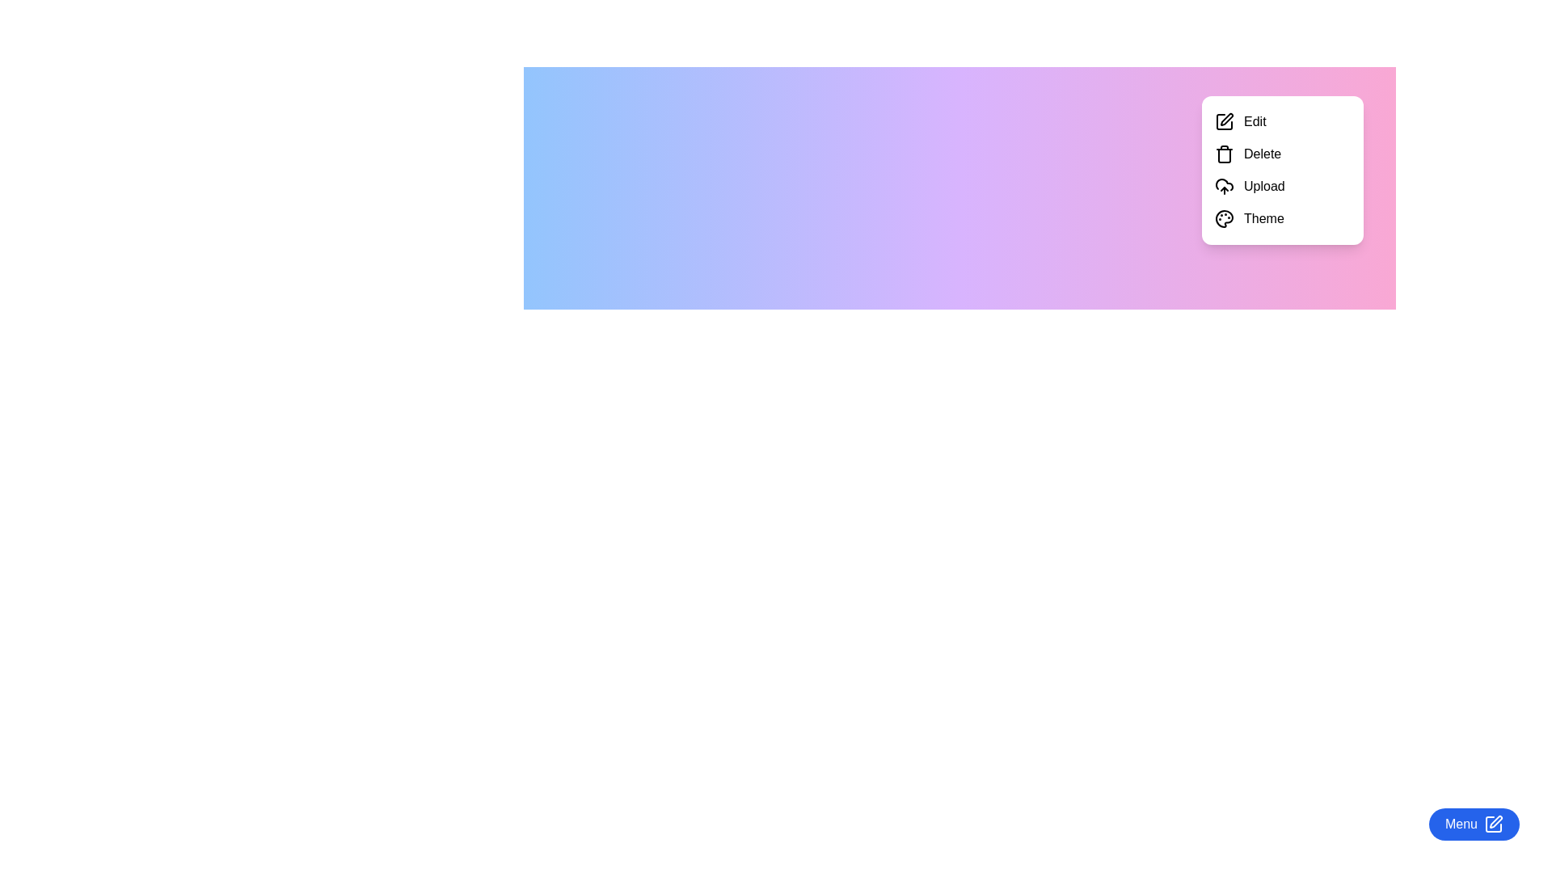 Image resolution: width=1552 pixels, height=873 pixels. What do you see at coordinates (1282, 154) in the screenshot?
I see `the Delete menu option` at bounding box center [1282, 154].